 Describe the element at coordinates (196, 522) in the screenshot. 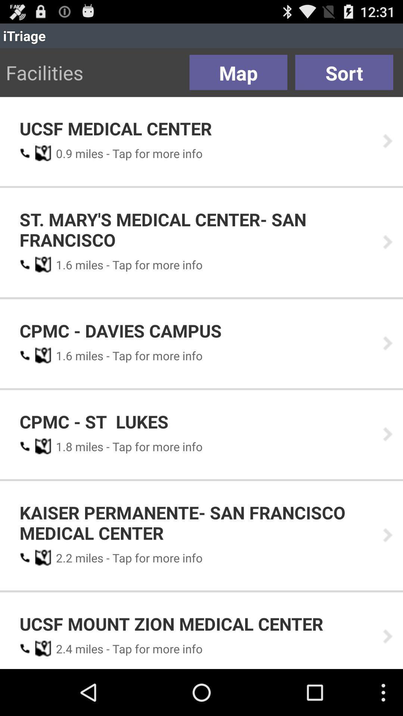

I see `the kaiser permanente san icon` at that location.